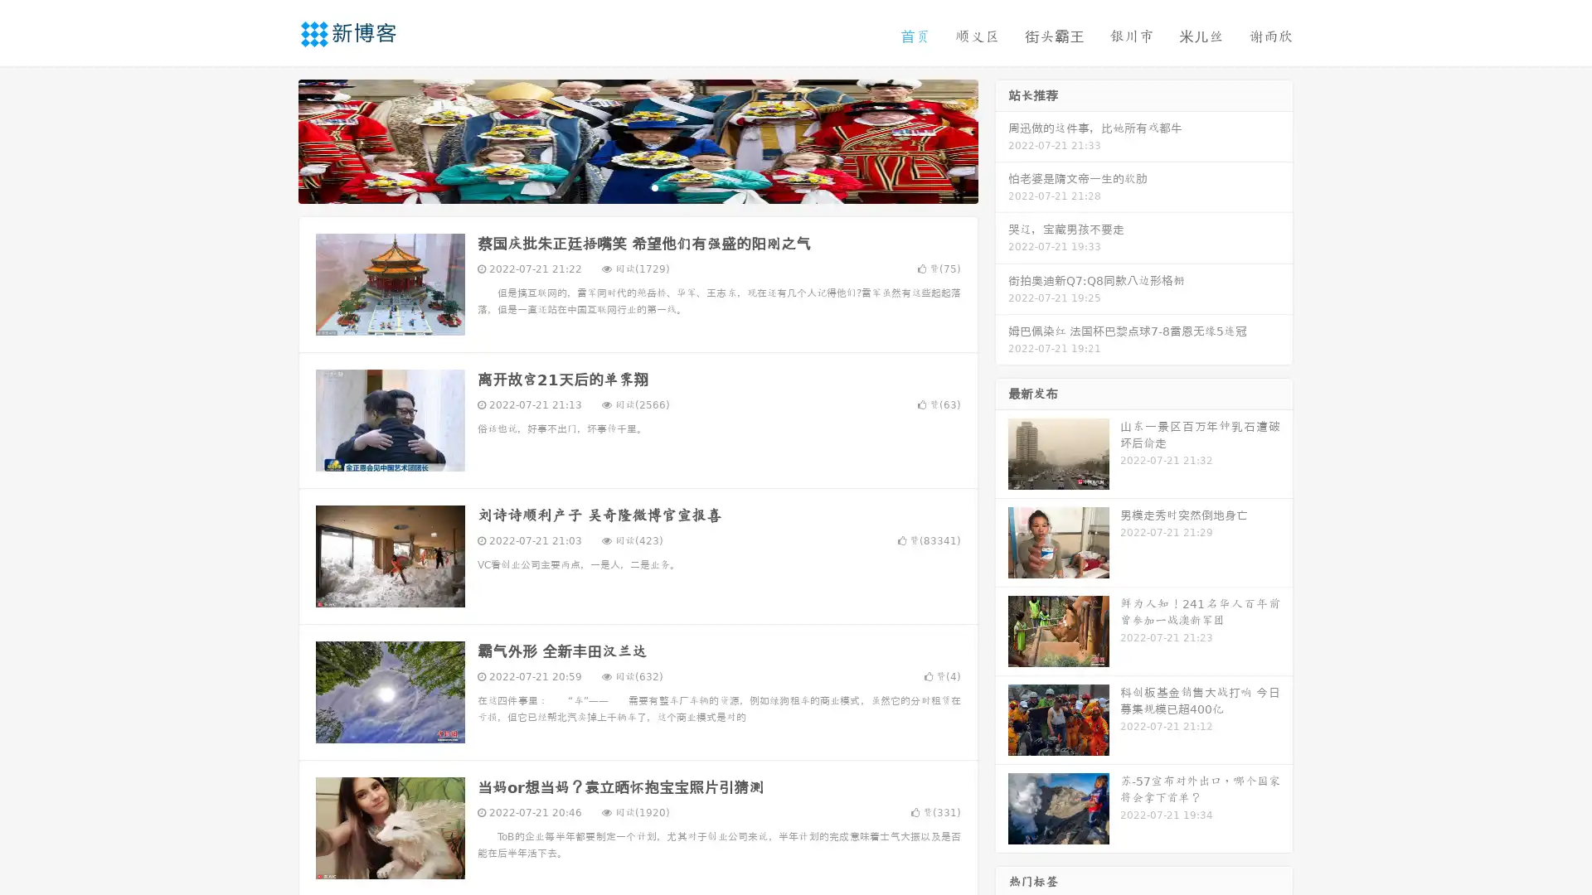 This screenshot has width=1592, height=895. I want to click on Next slide, so click(1002, 139).